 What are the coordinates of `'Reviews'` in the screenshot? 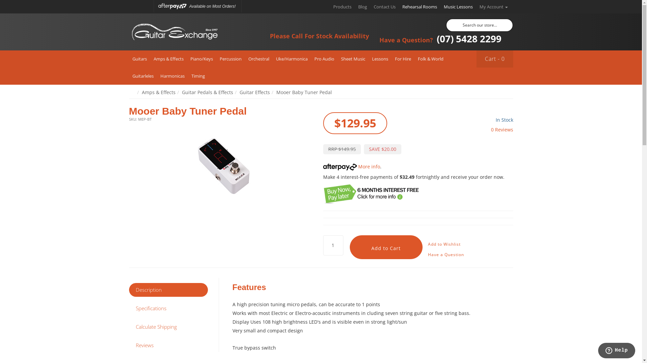 It's located at (168, 345).